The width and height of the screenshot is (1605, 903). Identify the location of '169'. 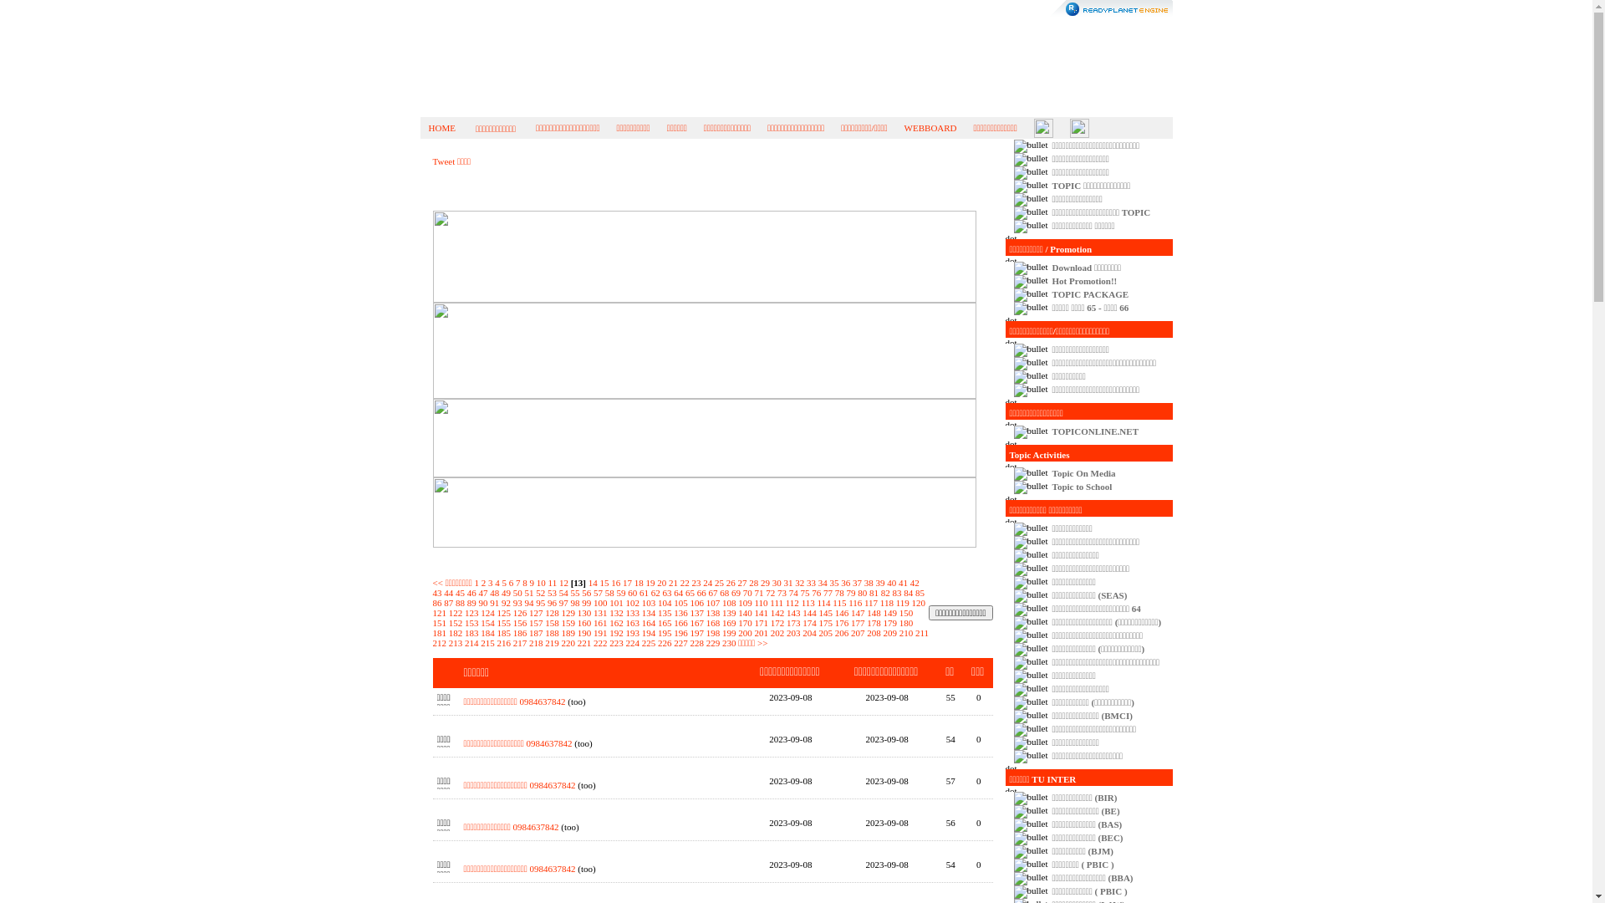
(729, 622).